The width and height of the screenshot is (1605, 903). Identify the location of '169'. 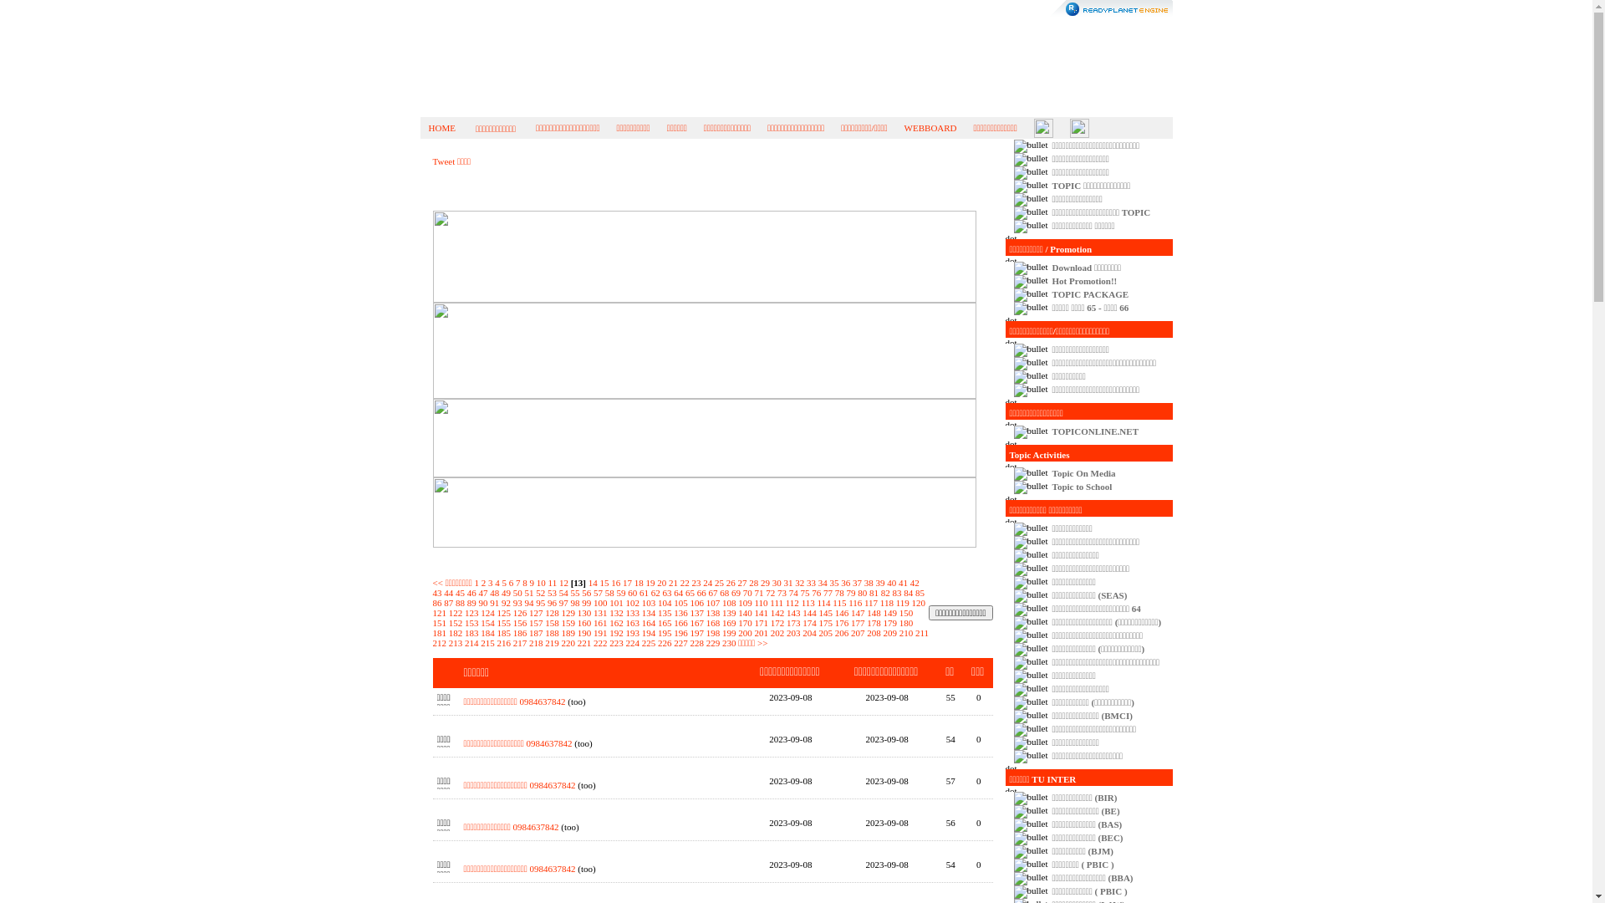
(729, 622).